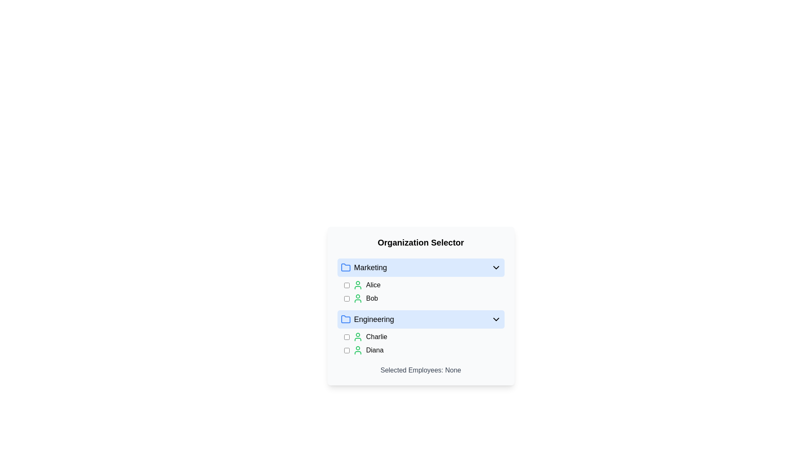 Image resolution: width=802 pixels, height=451 pixels. What do you see at coordinates (371, 298) in the screenshot?
I see `the text label representing the individual named 'Bob' located in the 'Marketing' section, second entry after 'Alice'` at bounding box center [371, 298].